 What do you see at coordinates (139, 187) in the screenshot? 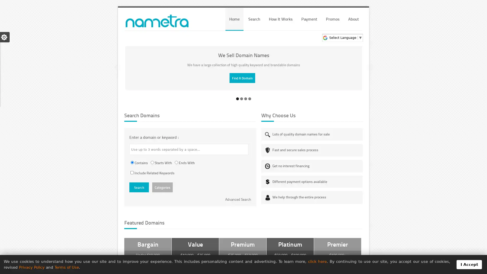
I see `Search` at bounding box center [139, 187].